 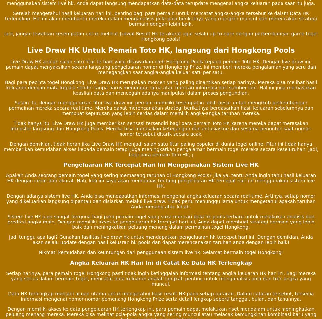 I want to click on 'Tidak hanya itu, Live Draw HK juga memberikan sensasi tersendiri bagi para pemain Toto HK karena mereka dapat merasakan atmosfer langsung dari Hongkong Pools. Mereka bisa merasakan ketegangan dan antusiasme dari sesama penonton saat nomor-nomor tersebut ditarik secara acak.', so click(x=160, y=128).